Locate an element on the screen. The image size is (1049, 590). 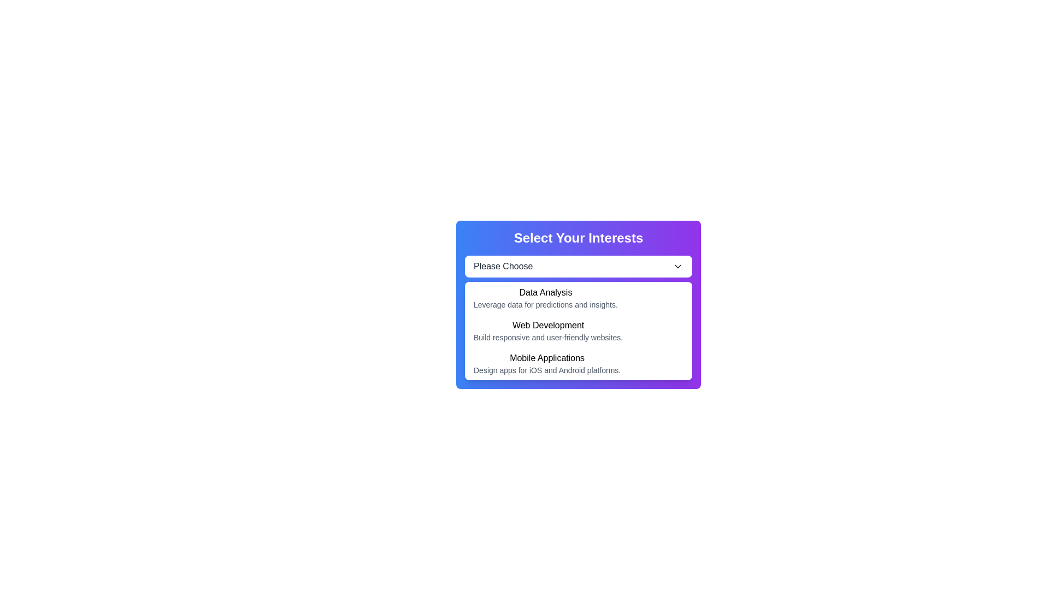
the Dropdown toggle icon located to the right of the 'Please Choose' label is located at coordinates (677, 267).